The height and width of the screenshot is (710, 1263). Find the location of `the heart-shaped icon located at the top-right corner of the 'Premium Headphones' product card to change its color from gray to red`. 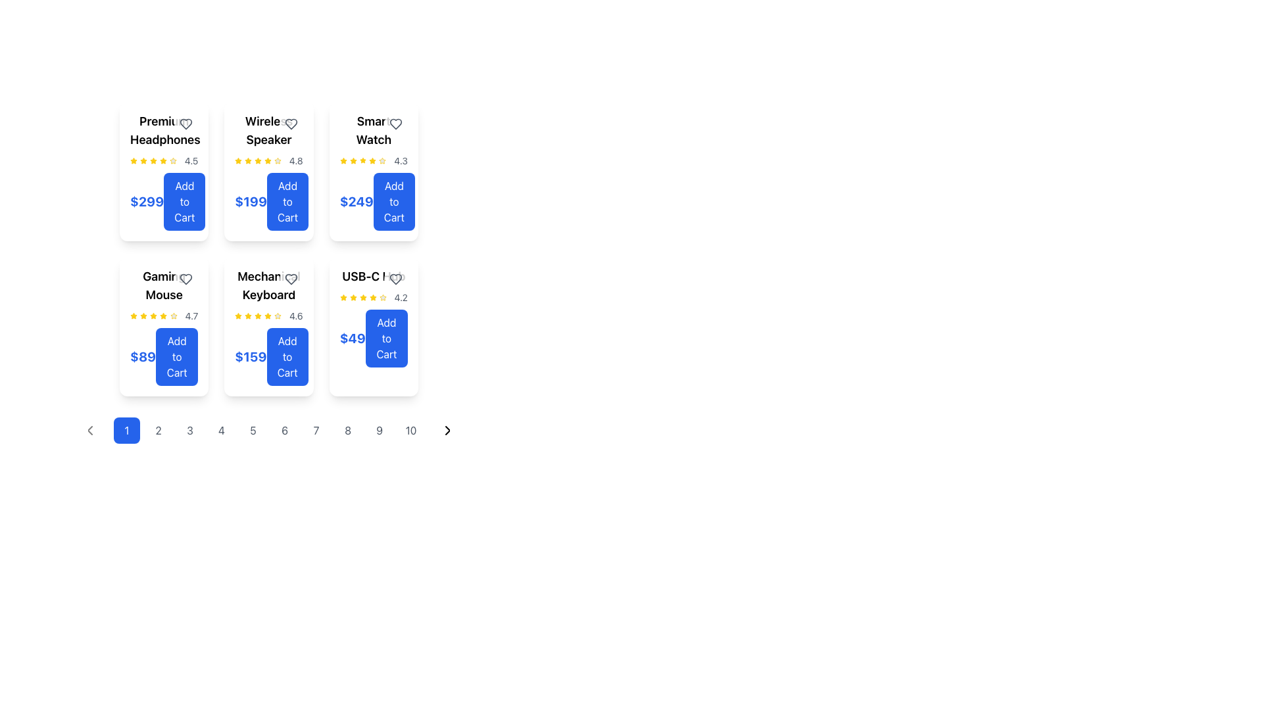

the heart-shaped icon located at the top-right corner of the 'Premium Headphones' product card to change its color from gray to red is located at coordinates (186, 124).